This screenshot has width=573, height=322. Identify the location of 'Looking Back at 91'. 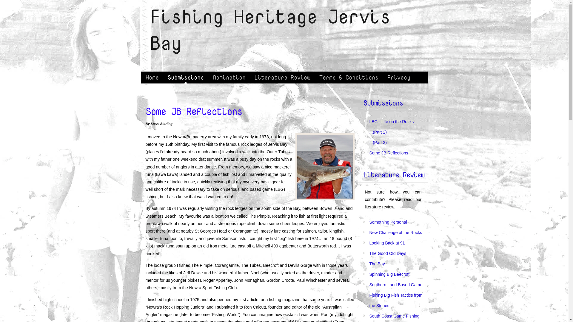
(387, 243).